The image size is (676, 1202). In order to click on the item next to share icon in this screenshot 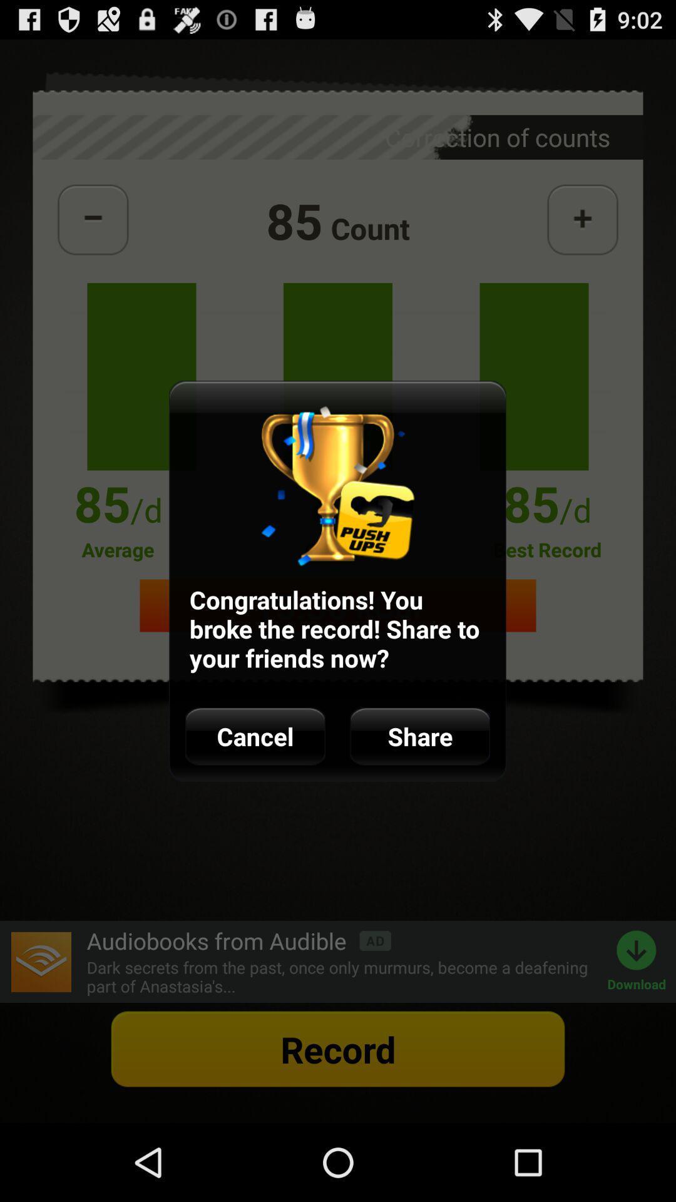, I will do `click(255, 736)`.